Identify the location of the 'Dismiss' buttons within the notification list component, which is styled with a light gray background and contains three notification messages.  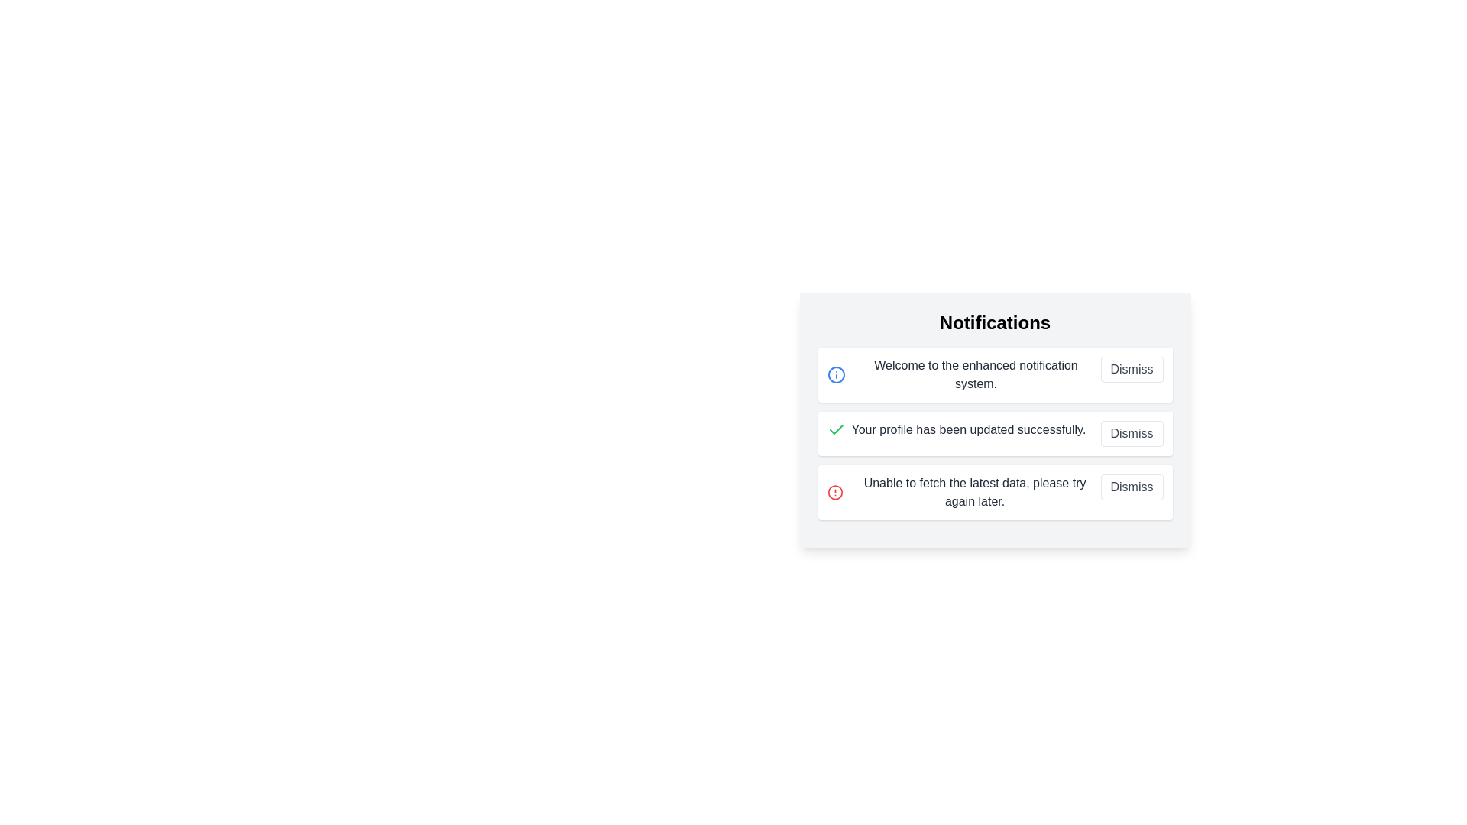
(995, 420).